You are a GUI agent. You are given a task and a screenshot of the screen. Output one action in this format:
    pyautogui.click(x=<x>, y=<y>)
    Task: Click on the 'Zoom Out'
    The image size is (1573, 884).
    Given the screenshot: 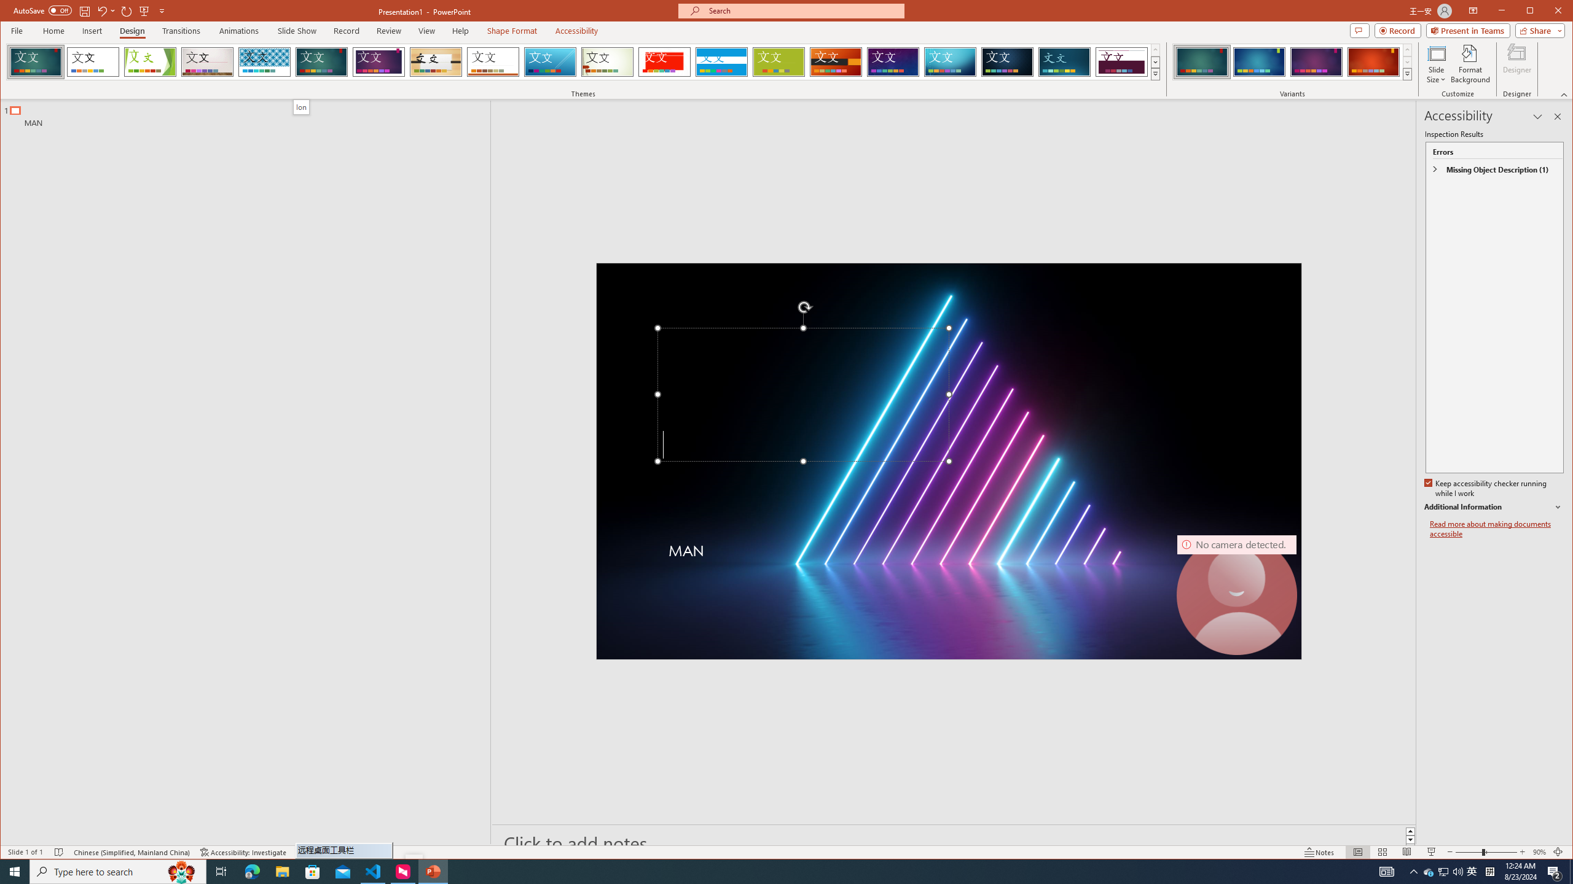 What is the action you would take?
    pyautogui.click(x=1467, y=851)
    